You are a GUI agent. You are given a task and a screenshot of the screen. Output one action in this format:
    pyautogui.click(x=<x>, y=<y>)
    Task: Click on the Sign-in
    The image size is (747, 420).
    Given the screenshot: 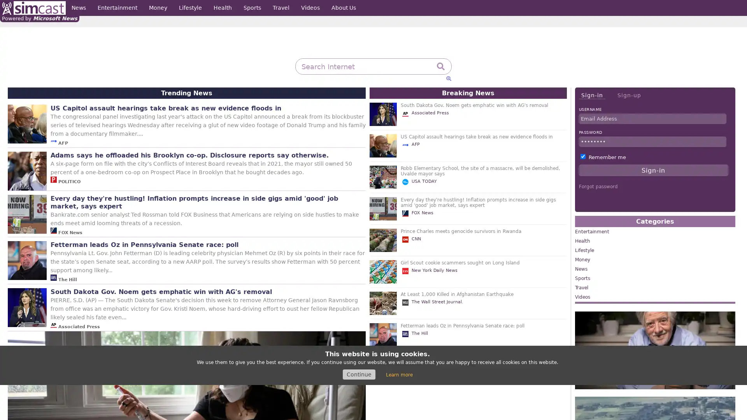 What is the action you would take?
    pyautogui.click(x=591, y=95)
    